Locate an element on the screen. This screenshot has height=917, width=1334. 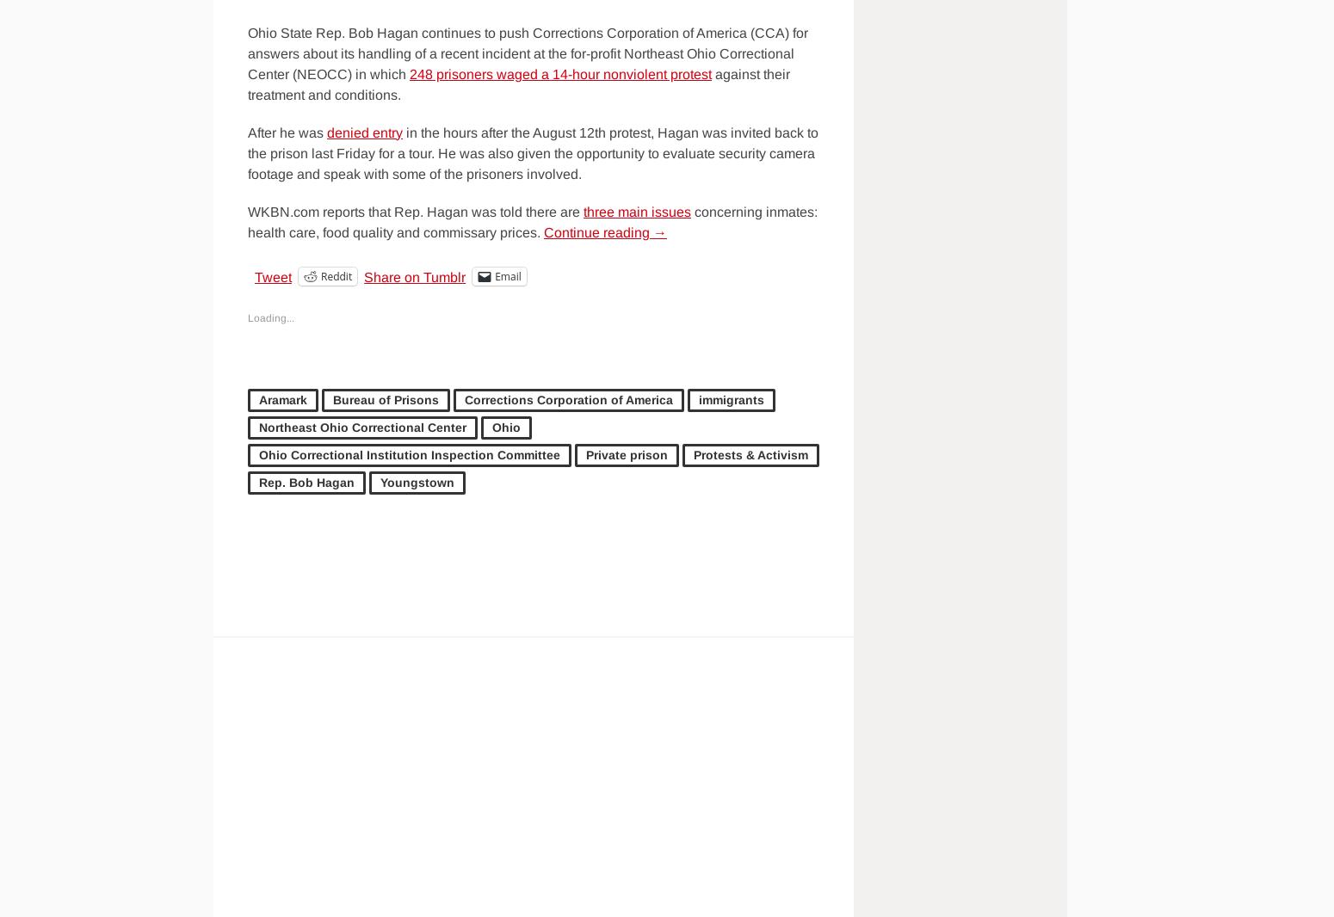
'248 prisoners waged a 14-hour nonviolent protest' is located at coordinates (559, 72).